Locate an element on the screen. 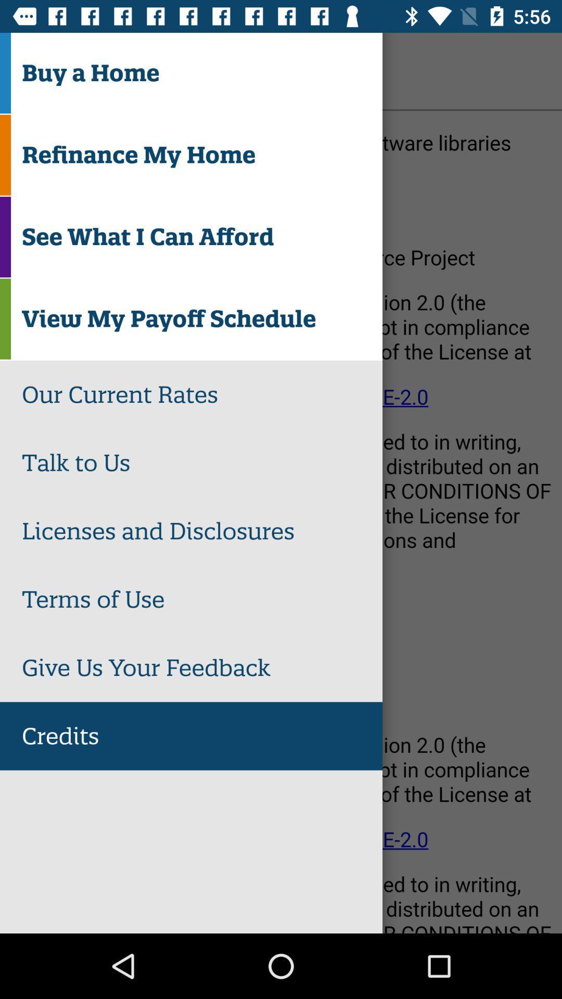 This screenshot has height=999, width=562. the item above talk to us is located at coordinates (202, 394).